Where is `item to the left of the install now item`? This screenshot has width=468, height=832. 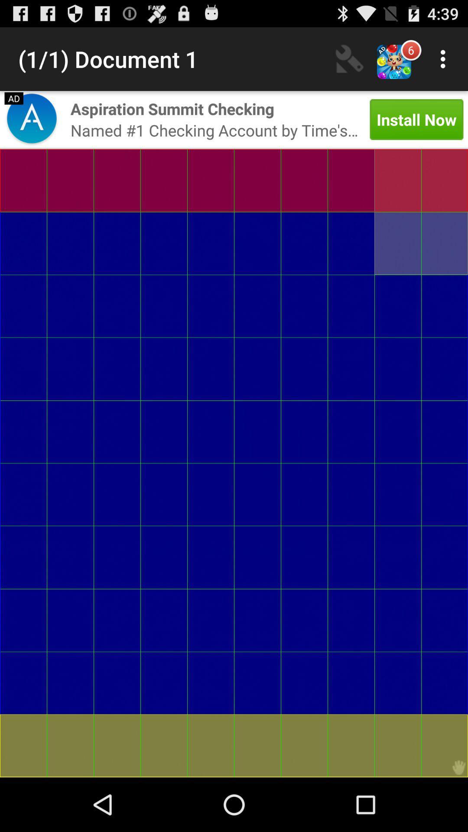
item to the left of the install now item is located at coordinates (214, 130).